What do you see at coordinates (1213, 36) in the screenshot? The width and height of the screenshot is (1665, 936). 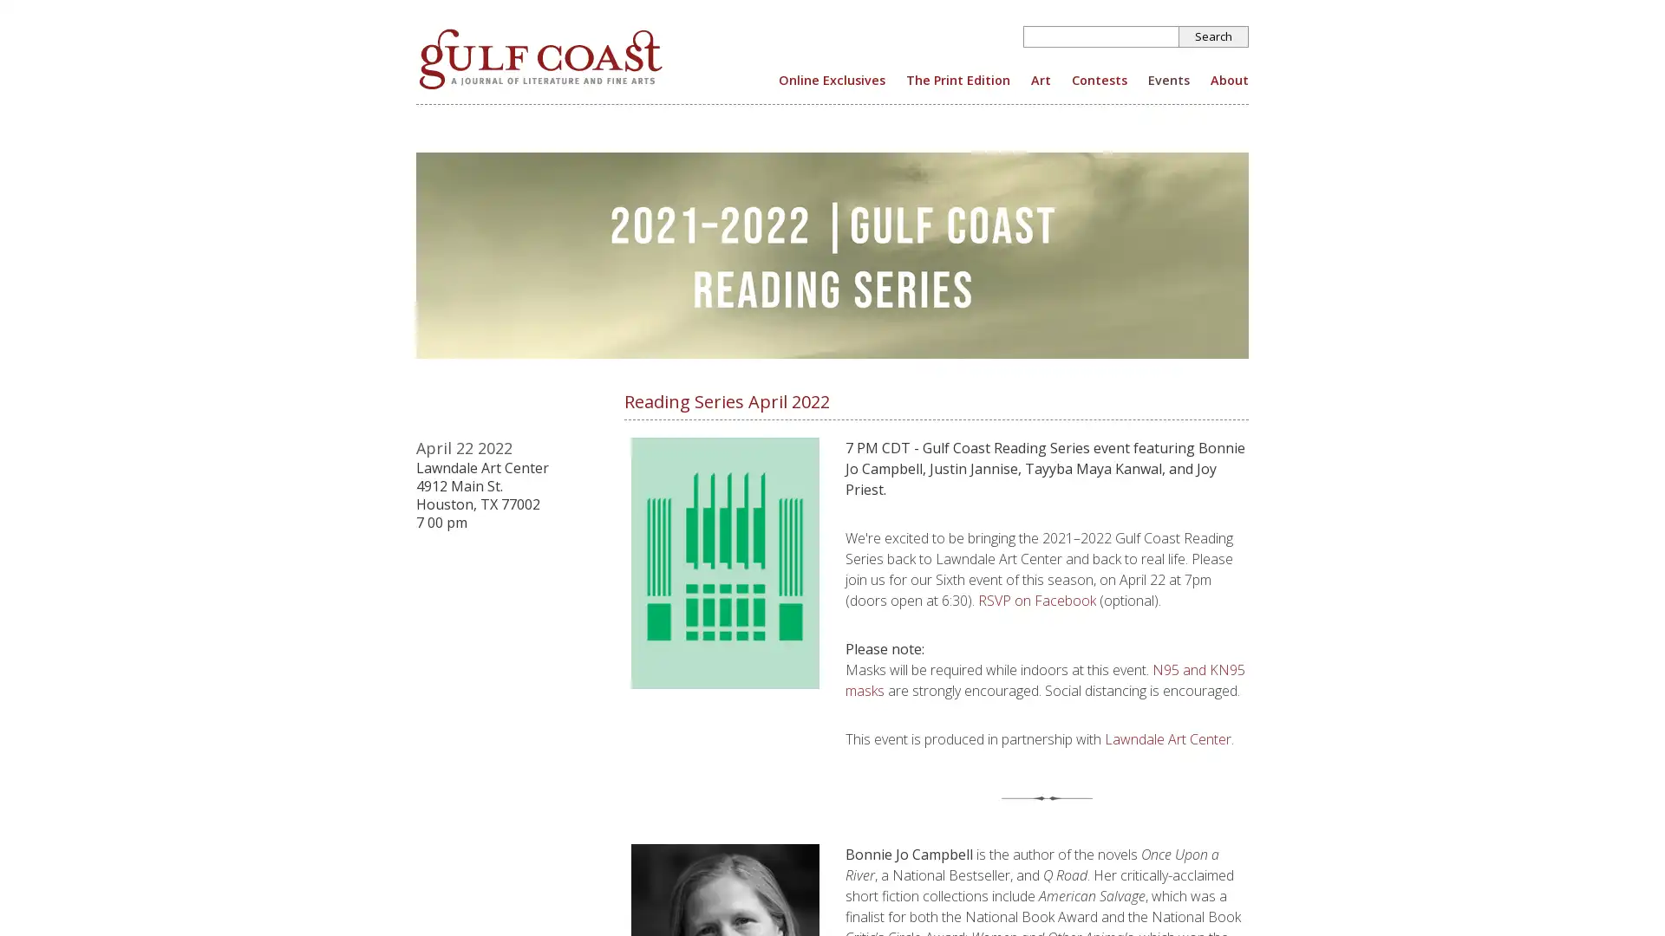 I see `Search` at bounding box center [1213, 36].